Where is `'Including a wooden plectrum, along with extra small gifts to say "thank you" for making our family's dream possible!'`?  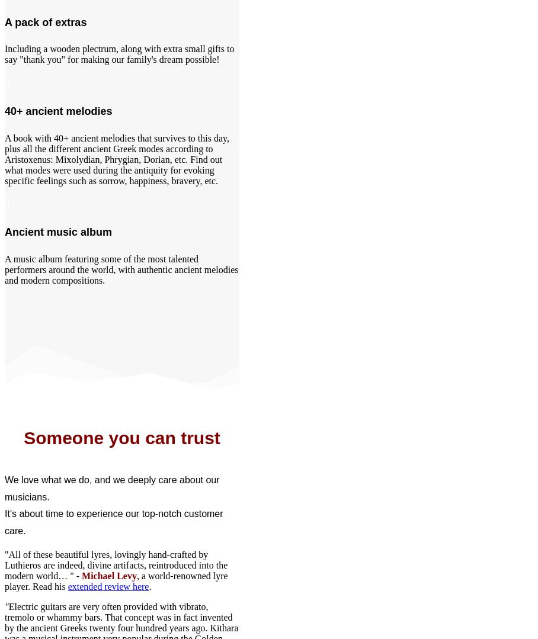 'Including a wooden plectrum, along with extra small gifts to say "thank you" for making our family's dream possible!' is located at coordinates (119, 54).